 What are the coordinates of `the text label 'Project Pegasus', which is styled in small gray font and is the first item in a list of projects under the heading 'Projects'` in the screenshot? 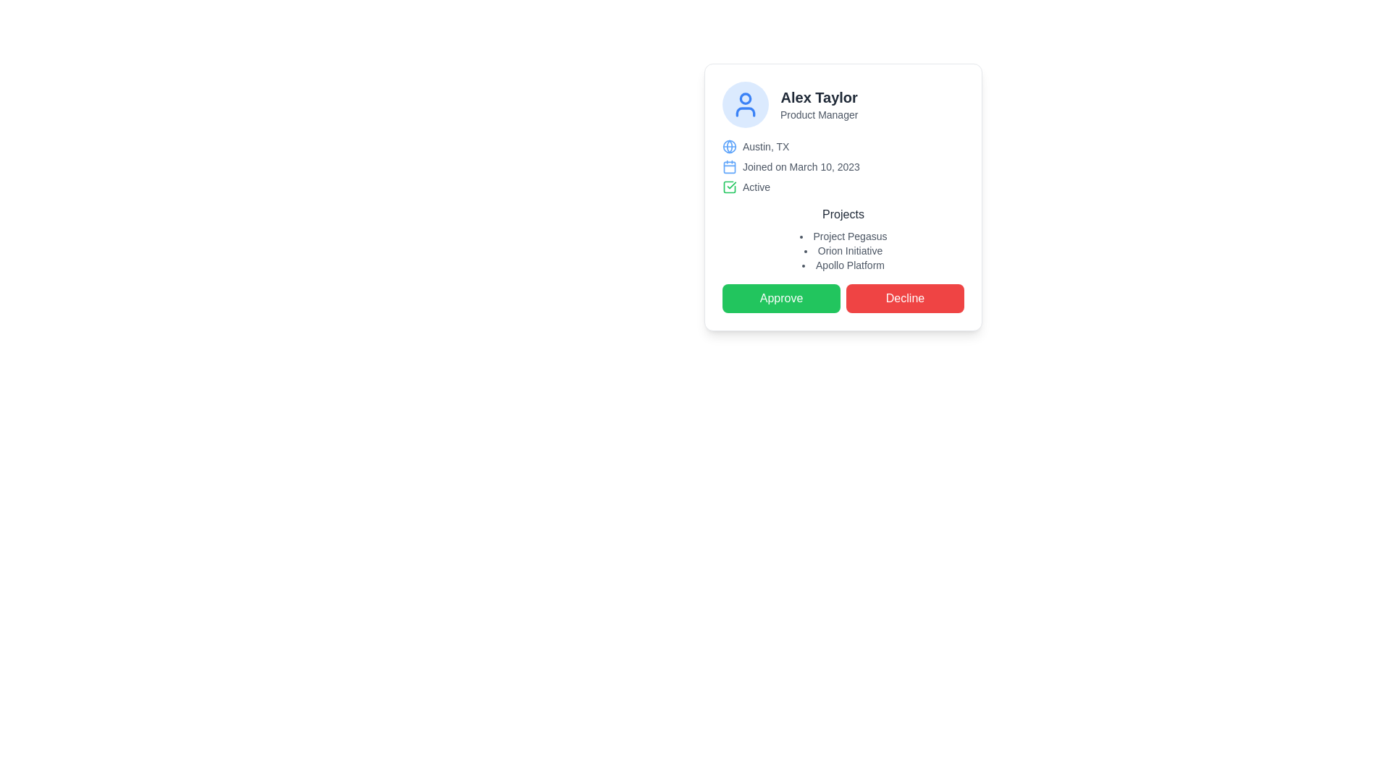 It's located at (843, 236).